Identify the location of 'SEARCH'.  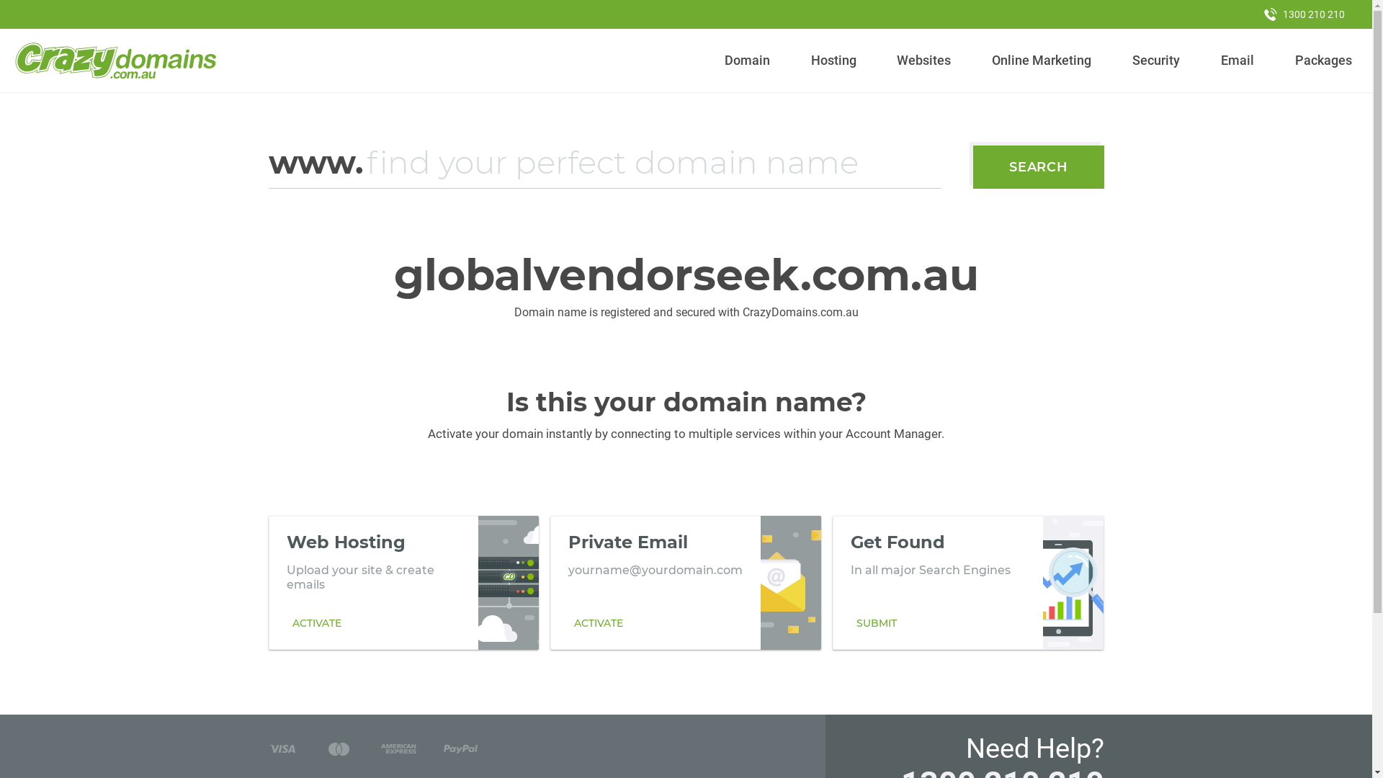
(1038, 166).